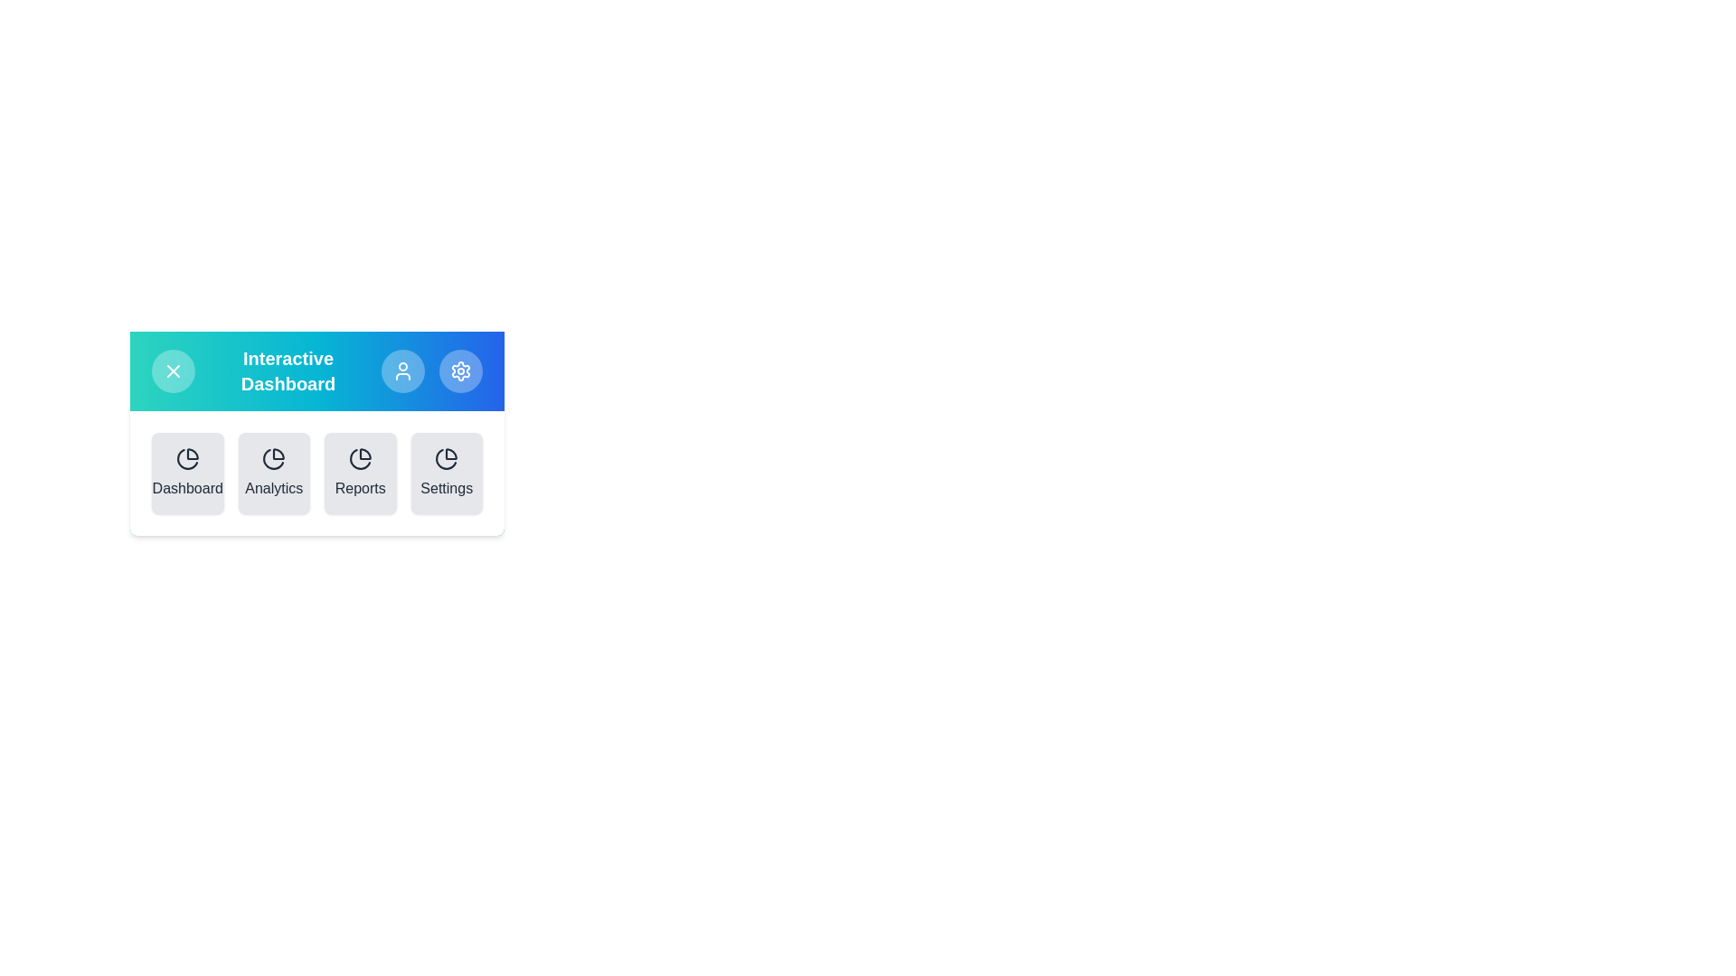  What do you see at coordinates (447, 473) in the screenshot?
I see `the 'Settings' button in the menu to navigate to the Settings section` at bounding box center [447, 473].